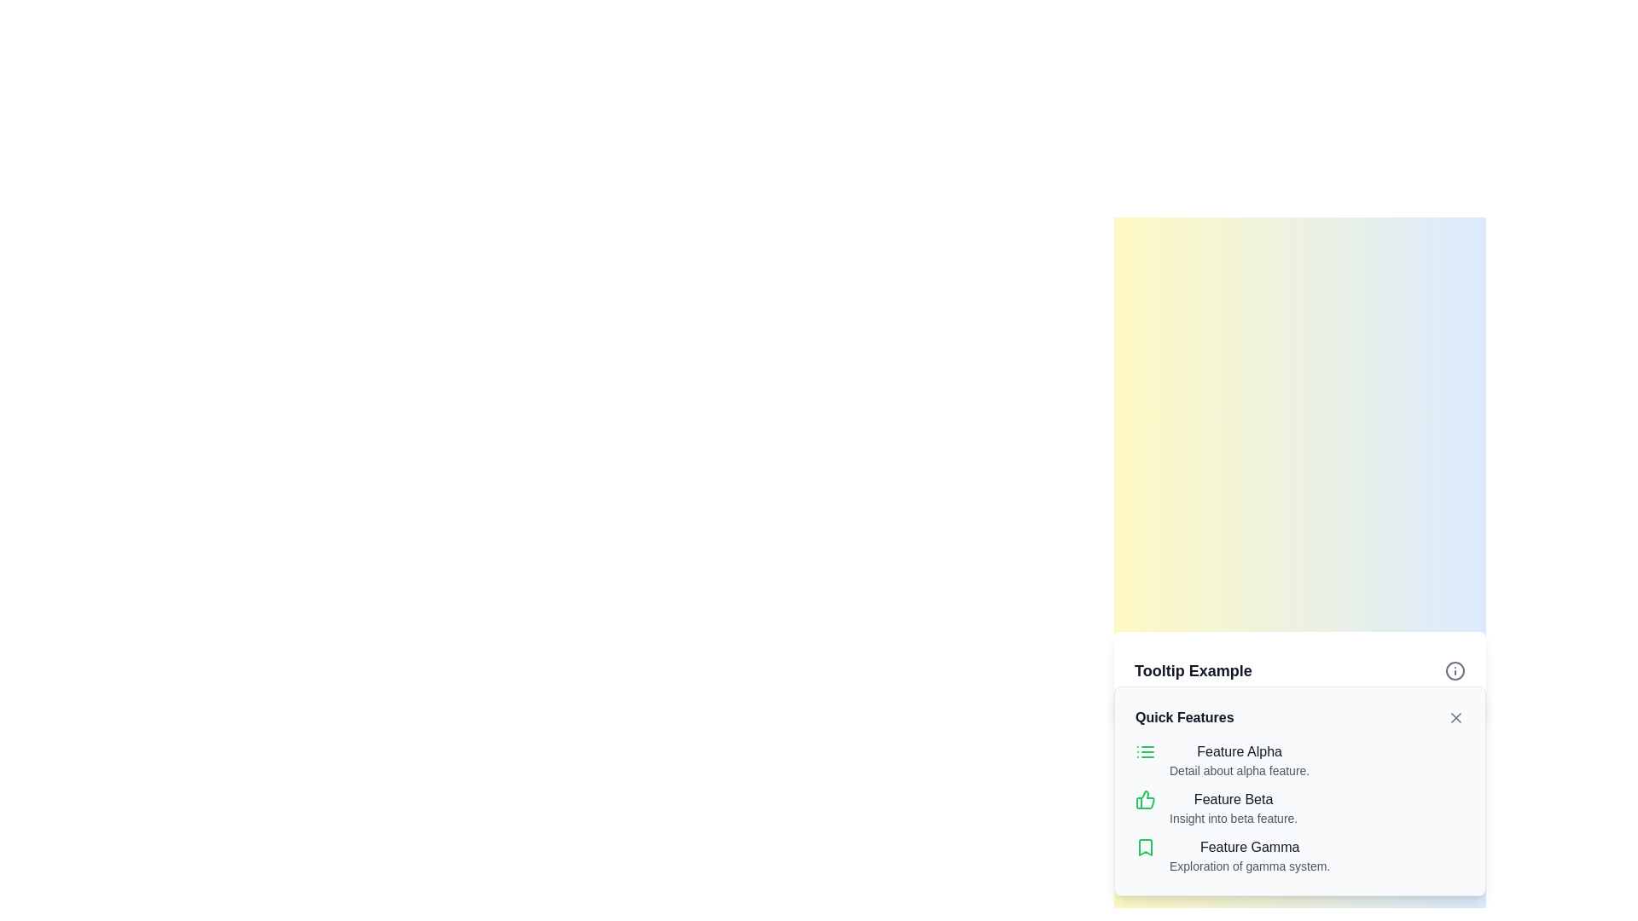 This screenshot has height=921, width=1638. What do you see at coordinates (1240, 759) in the screenshot?
I see `and interpret the text displayed in the first feature item titled 'Feature Alpha' located in the 'Quick Features' section, positioned below a green icon` at bounding box center [1240, 759].